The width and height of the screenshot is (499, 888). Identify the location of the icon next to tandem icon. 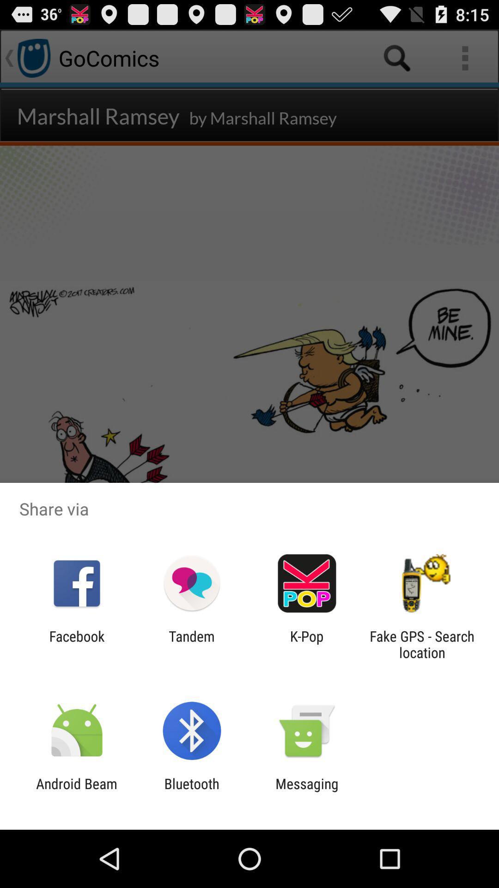
(307, 644).